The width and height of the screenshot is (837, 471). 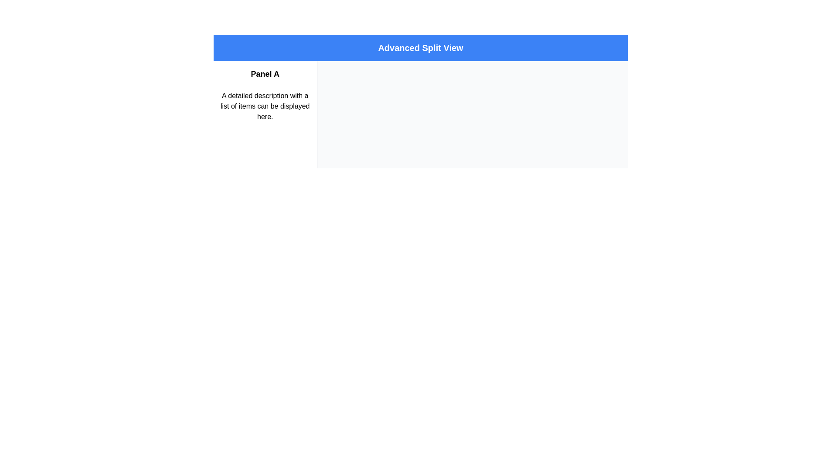 What do you see at coordinates (420, 48) in the screenshot?
I see `the Text-based Banner with blue background and white bold text saying 'Advanced Split View', located at the top of the layout` at bounding box center [420, 48].